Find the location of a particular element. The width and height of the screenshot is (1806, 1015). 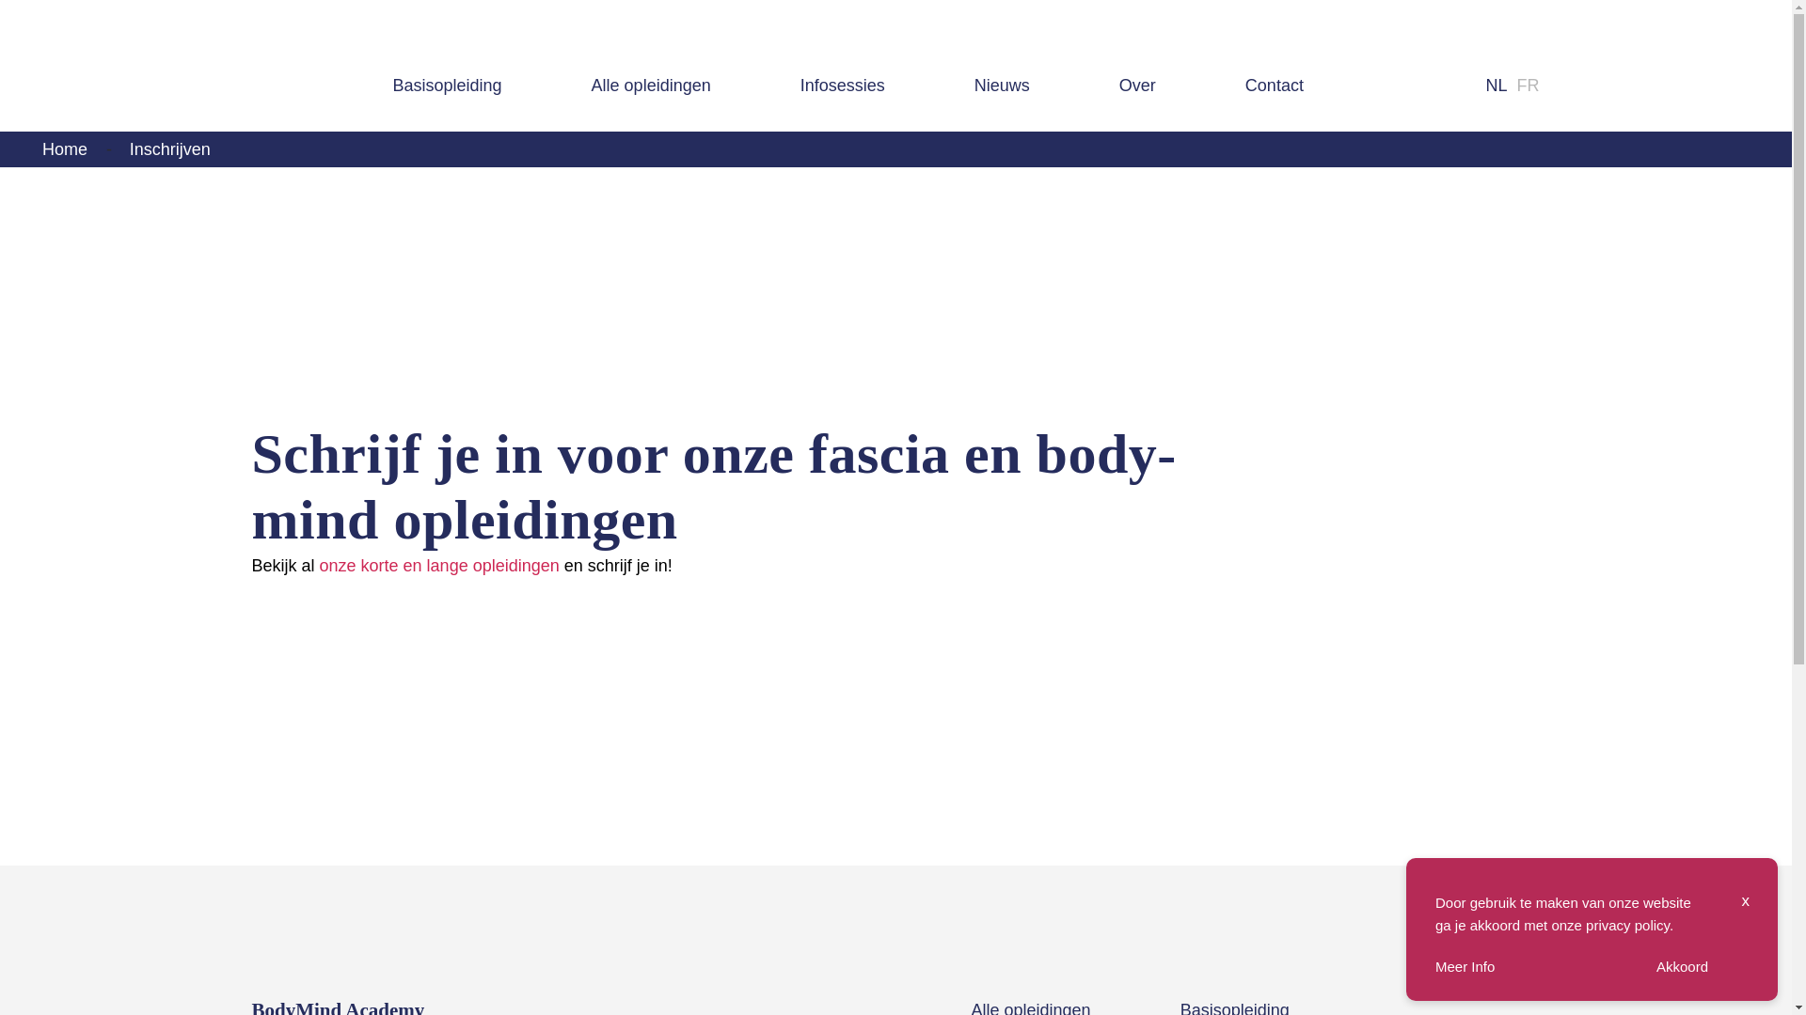

'Contact' is located at coordinates (1274, 86).